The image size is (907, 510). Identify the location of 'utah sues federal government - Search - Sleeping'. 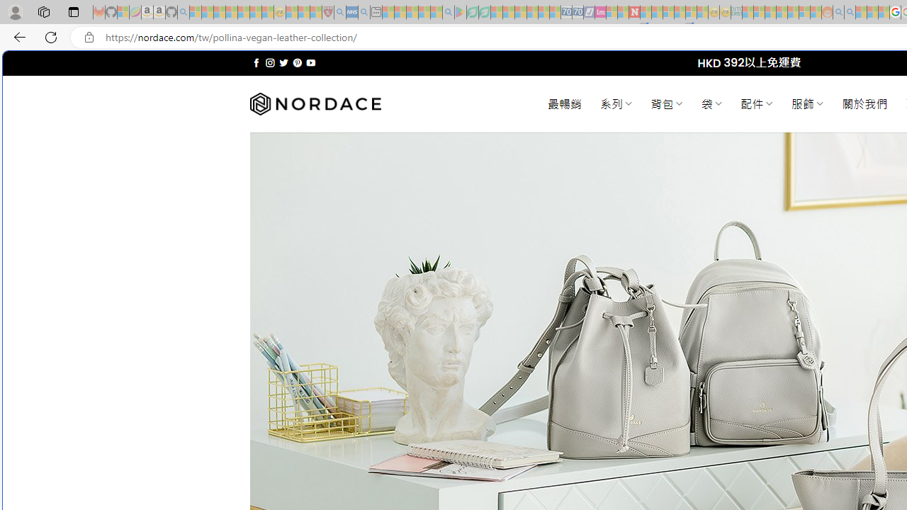
(364, 12).